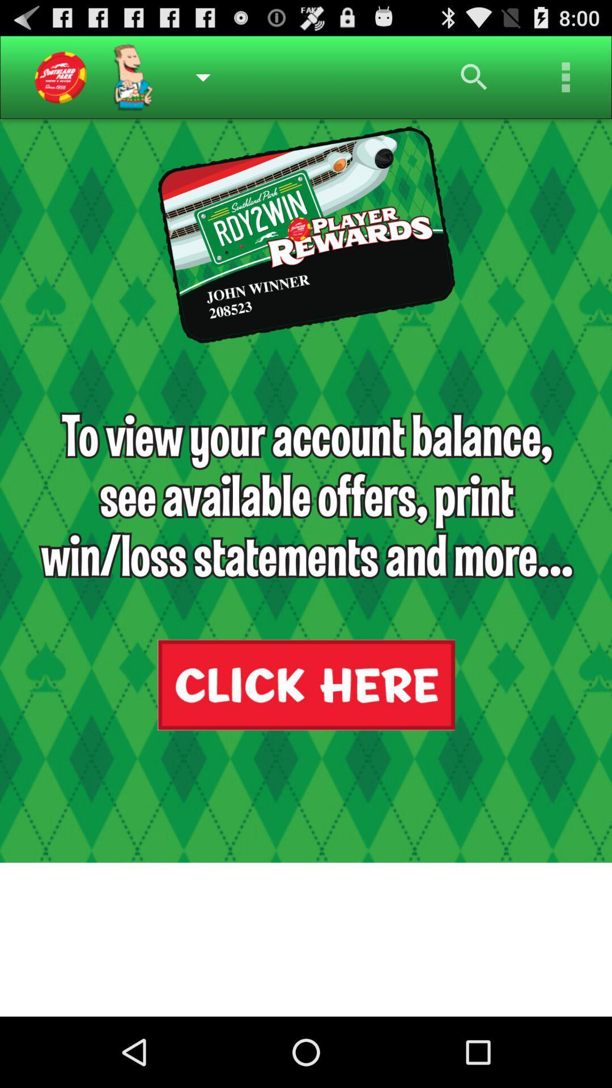 Image resolution: width=612 pixels, height=1088 pixels. Describe the element at coordinates (566, 76) in the screenshot. I see `open the menu` at that location.